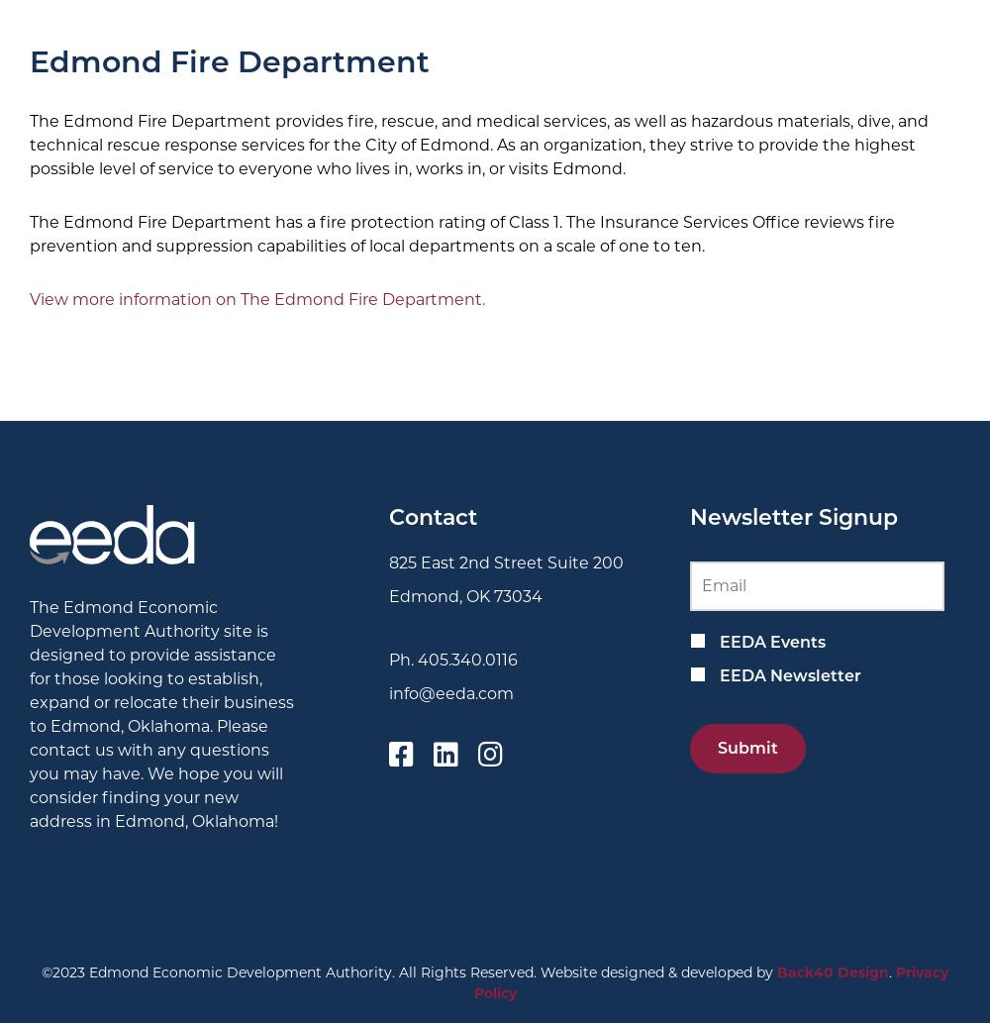 This screenshot has height=1023, width=990. I want to click on 'EEDA Events', so click(771, 640).